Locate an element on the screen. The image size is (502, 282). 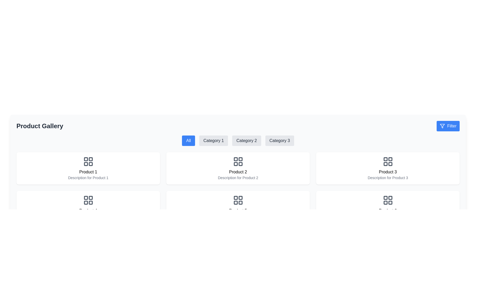
the 'Category 3' button, which is the fourth button in a horizontal row of options in the product filter section is located at coordinates (279, 140).